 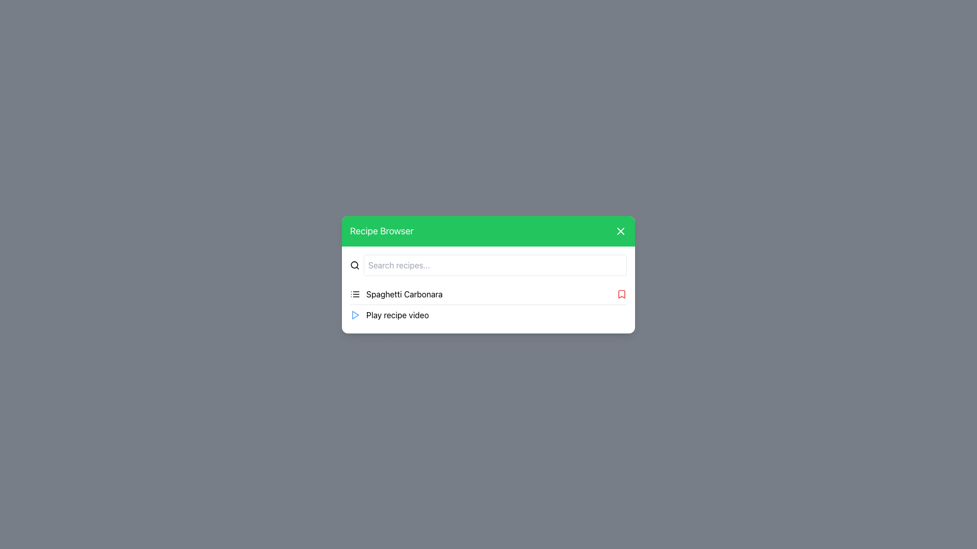 I want to click on the static text element labeled 'Play recipe video', which is located to the right of the play button icon, positioned near the bottom of the interface, so click(x=397, y=314).